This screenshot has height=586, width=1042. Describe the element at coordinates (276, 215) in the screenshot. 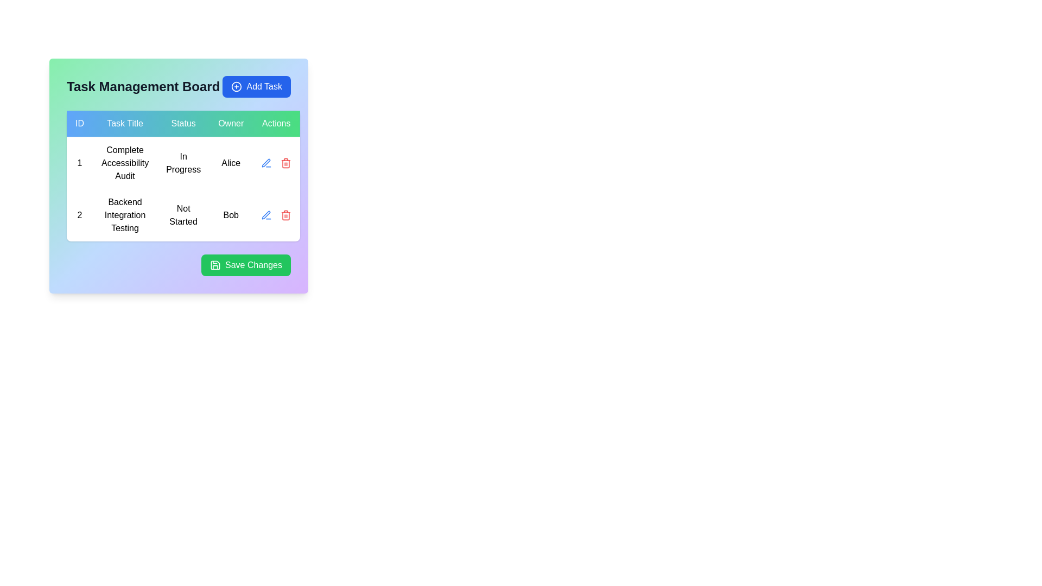

I see `the Icon button located in the 'Actions' column next to the red trash can icon for the 'Backend Integration Testing' task` at that location.